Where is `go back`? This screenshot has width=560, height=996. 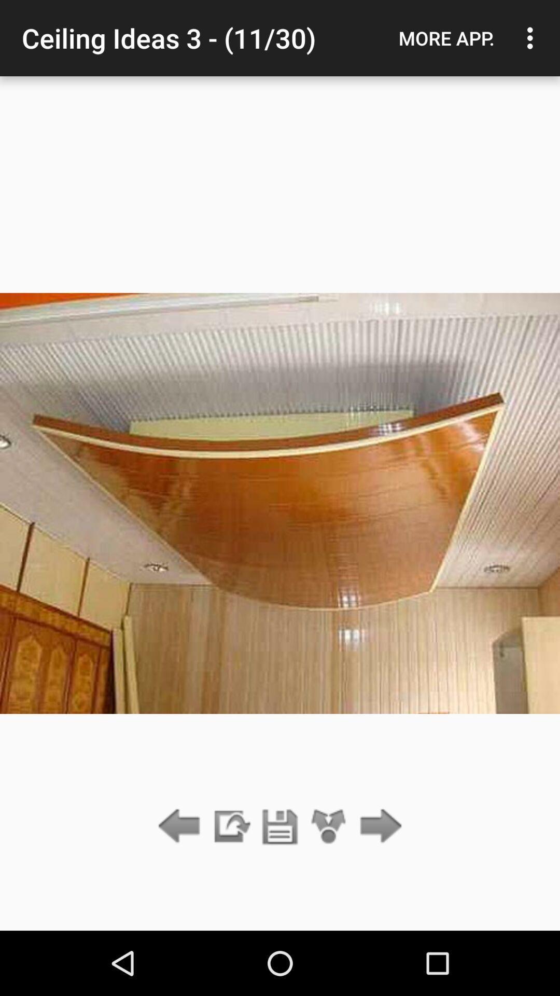 go back is located at coordinates (181, 826).